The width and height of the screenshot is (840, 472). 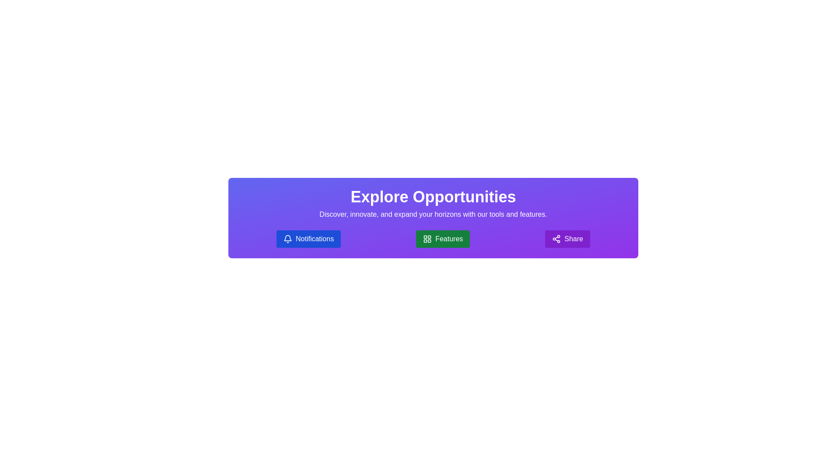 I want to click on the 'Features' button, so click(x=443, y=239).